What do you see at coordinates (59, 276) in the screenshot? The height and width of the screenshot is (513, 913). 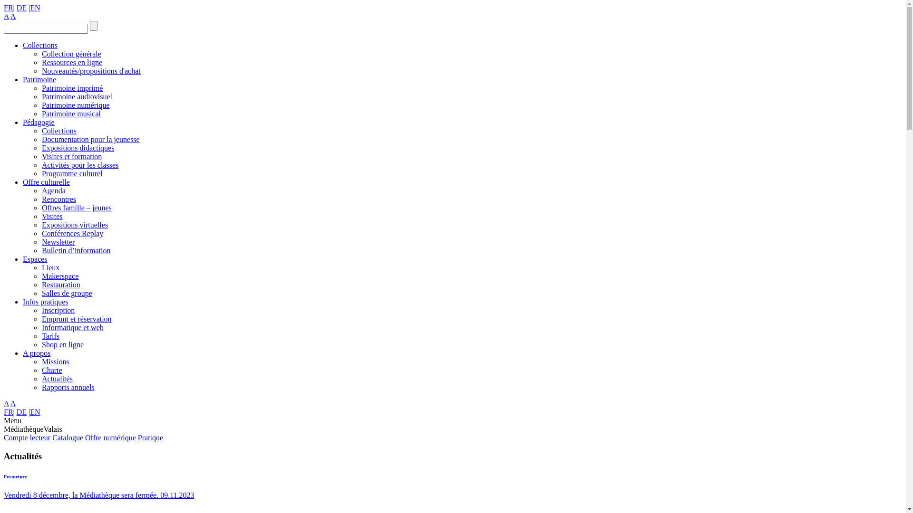 I see `'Makerspace'` at bounding box center [59, 276].